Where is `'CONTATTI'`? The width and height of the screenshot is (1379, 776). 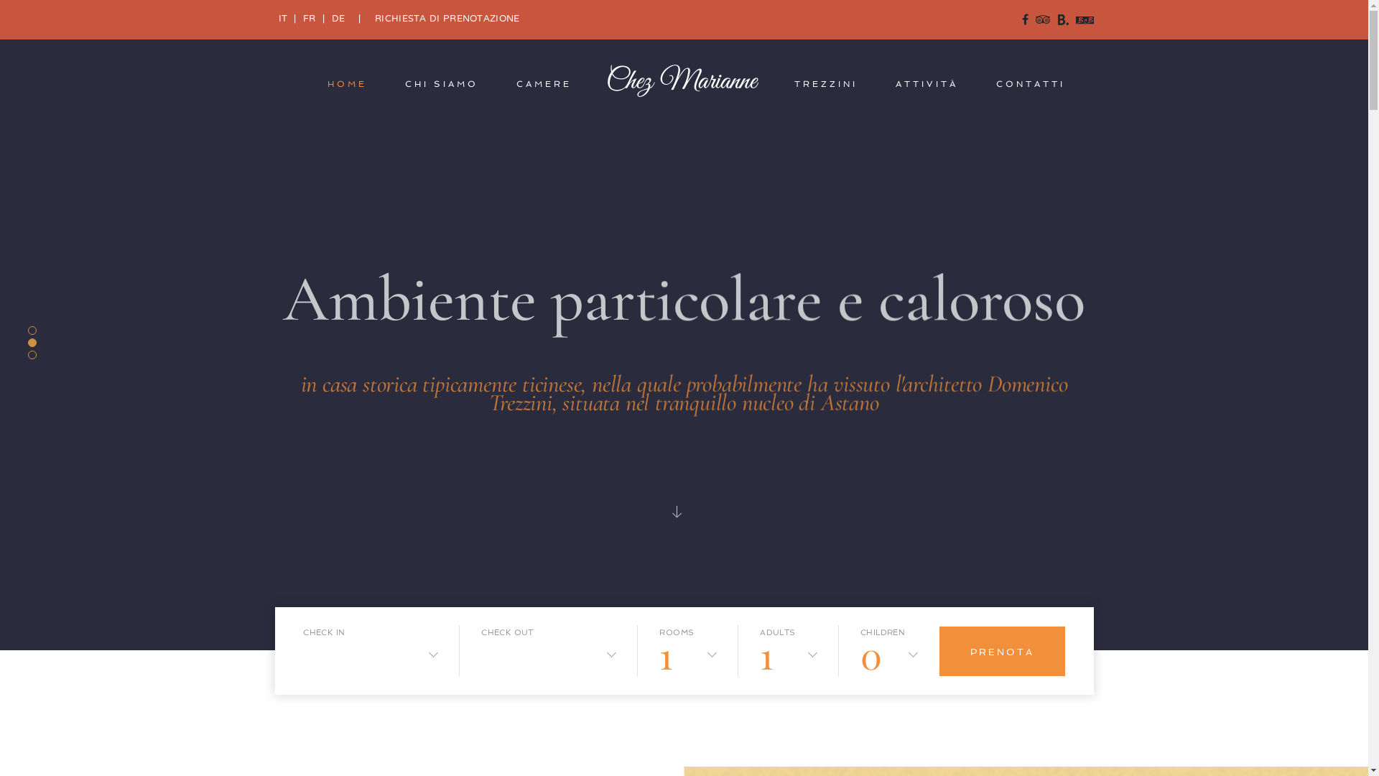 'CONTATTI' is located at coordinates (1030, 83).